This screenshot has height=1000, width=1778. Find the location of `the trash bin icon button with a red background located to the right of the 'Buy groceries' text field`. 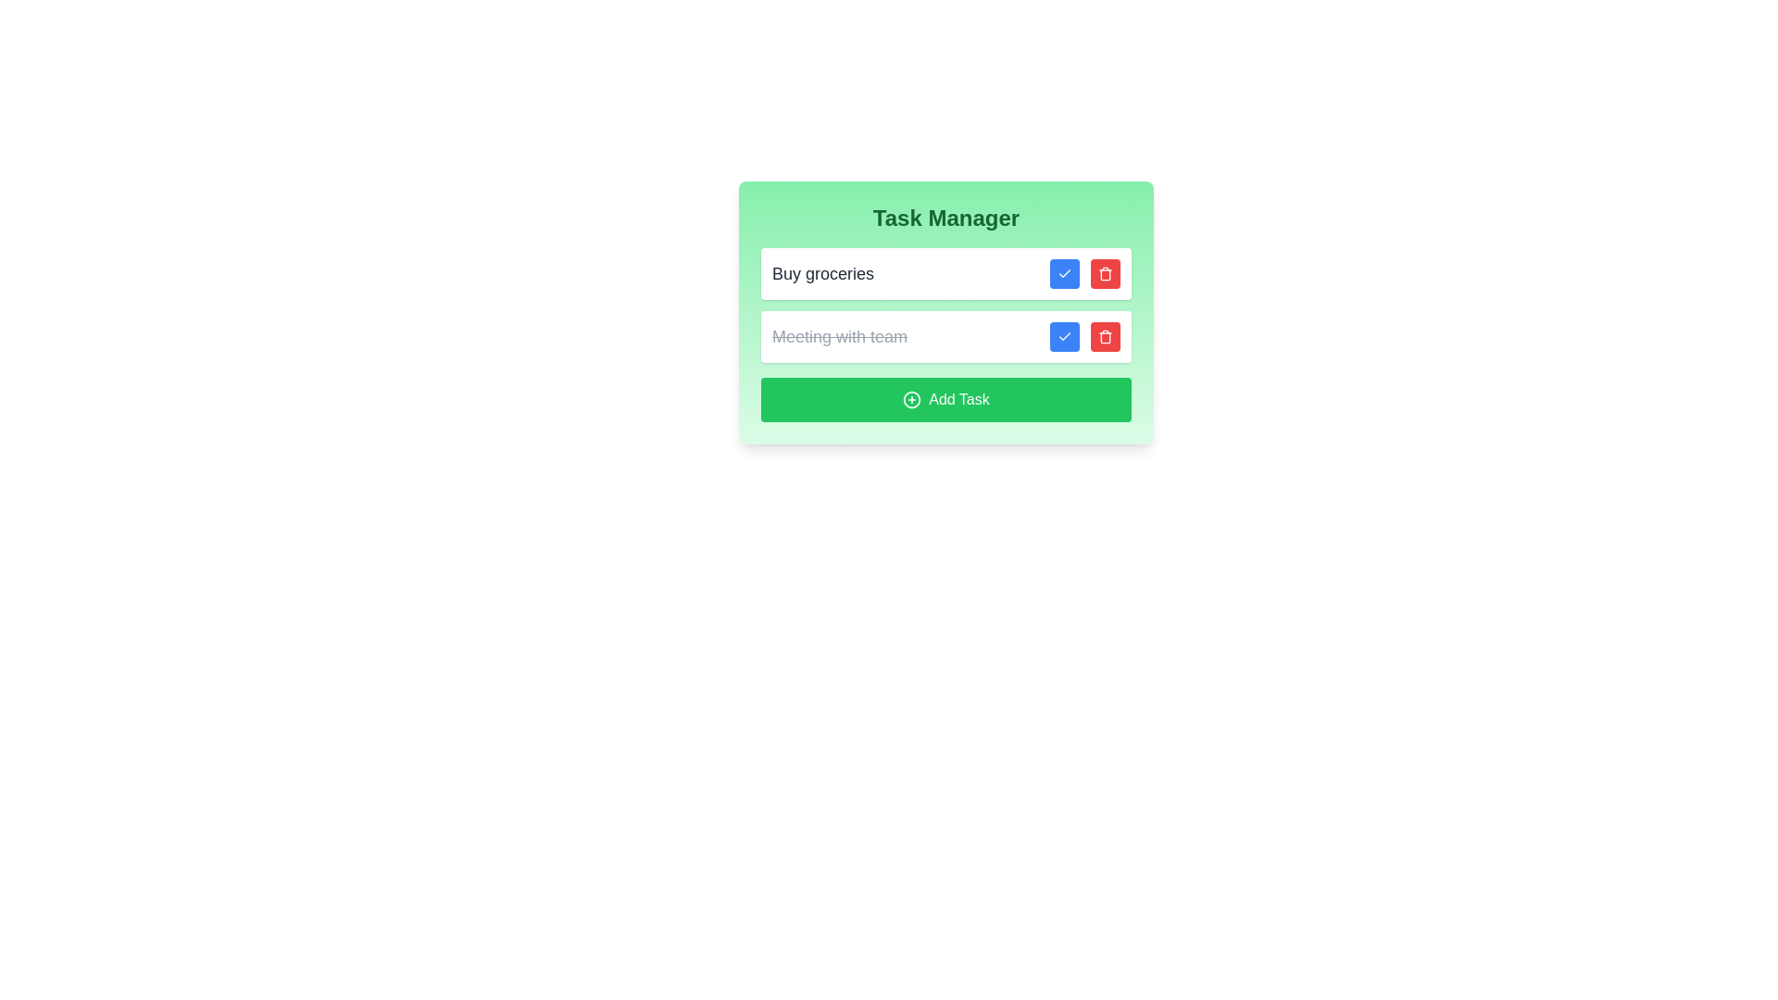

the trash bin icon button with a red background located to the right of the 'Buy groceries' text field is located at coordinates (1106, 274).